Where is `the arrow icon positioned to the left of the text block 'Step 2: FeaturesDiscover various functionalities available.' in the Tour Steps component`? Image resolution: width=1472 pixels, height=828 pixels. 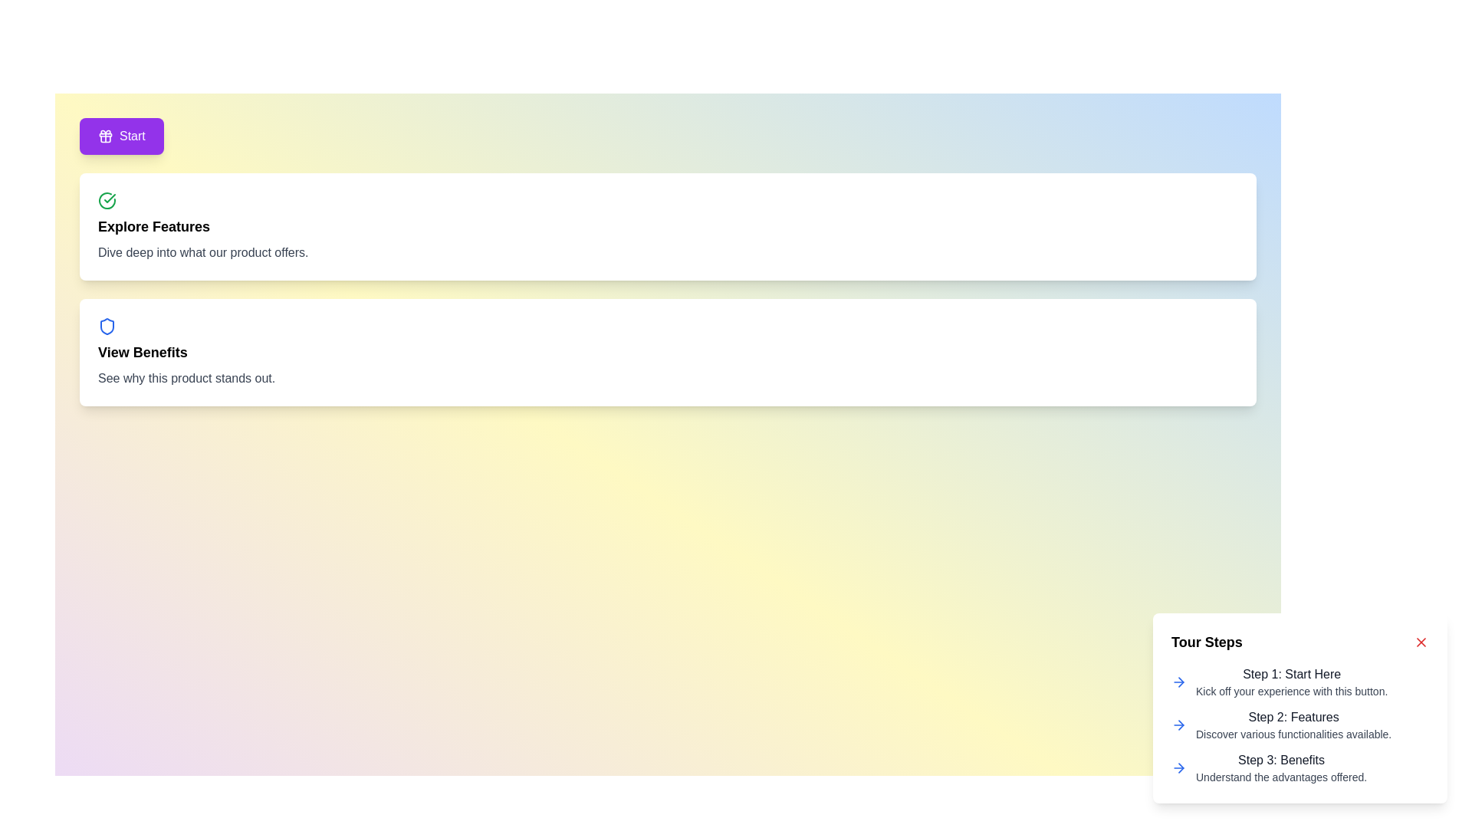
the arrow icon positioned to the left of the text block 'Step 2: FeaturesDiscover various functionalities available.' in the Tour Steps component is located at coordinates (1178, 724).